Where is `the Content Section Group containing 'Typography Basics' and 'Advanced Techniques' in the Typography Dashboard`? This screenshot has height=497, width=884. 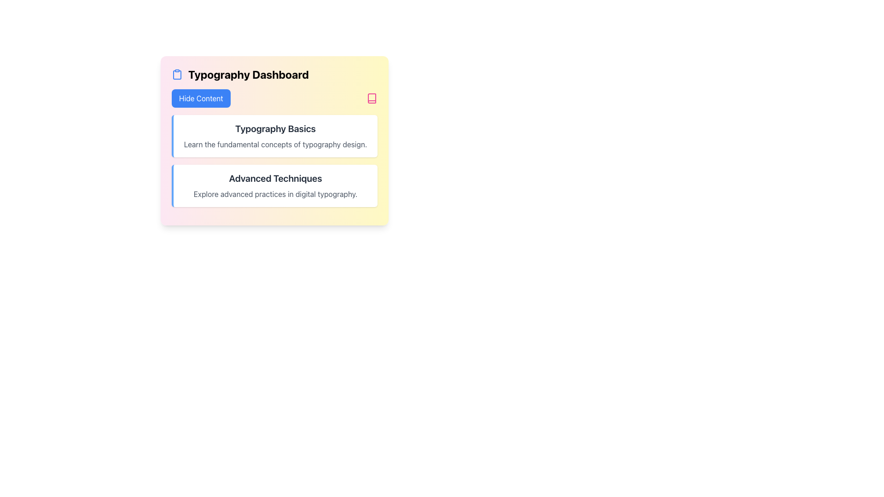 the Content Section Group containing 'Typography Basics' and 'Advanced Techniques' in the Typography Dashboard is located at coordinates (274, 161).